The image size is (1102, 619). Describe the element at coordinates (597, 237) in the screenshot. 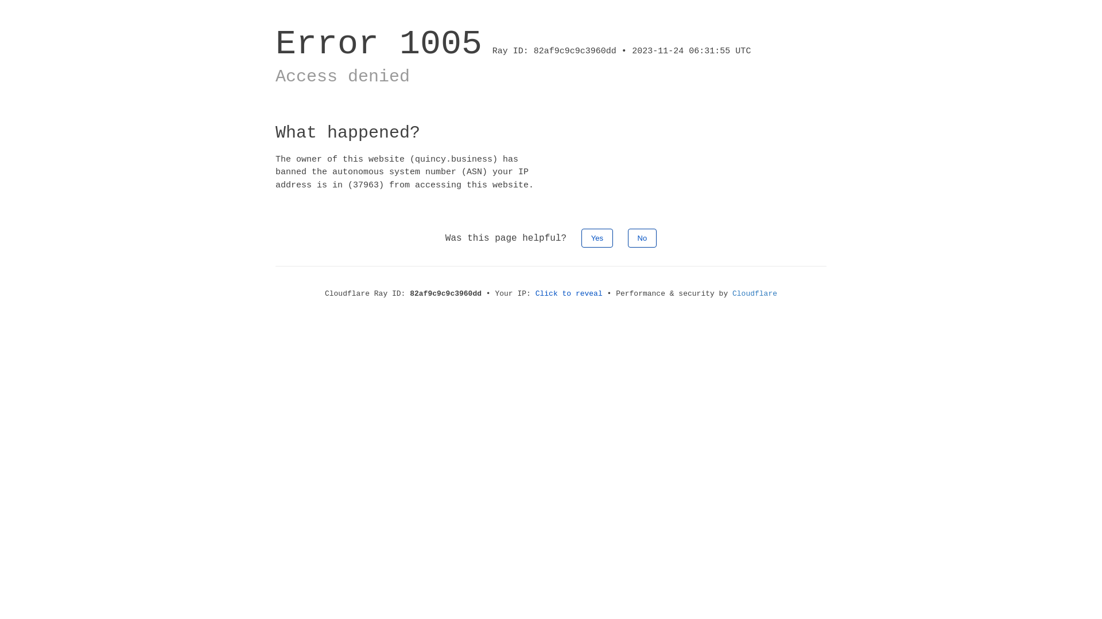

I see `'Yes'` at that location.